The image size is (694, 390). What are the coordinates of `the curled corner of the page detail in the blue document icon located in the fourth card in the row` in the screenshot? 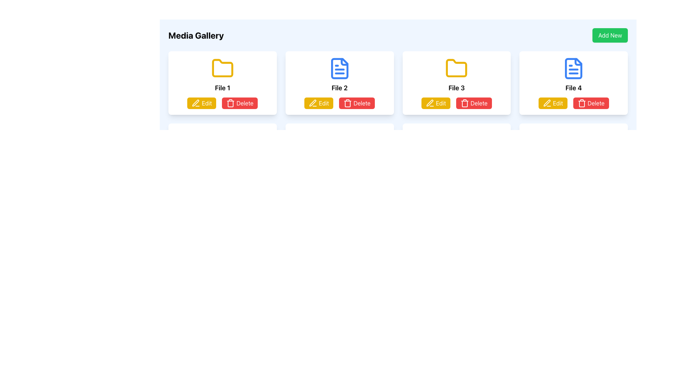 It's located at (578, 61).